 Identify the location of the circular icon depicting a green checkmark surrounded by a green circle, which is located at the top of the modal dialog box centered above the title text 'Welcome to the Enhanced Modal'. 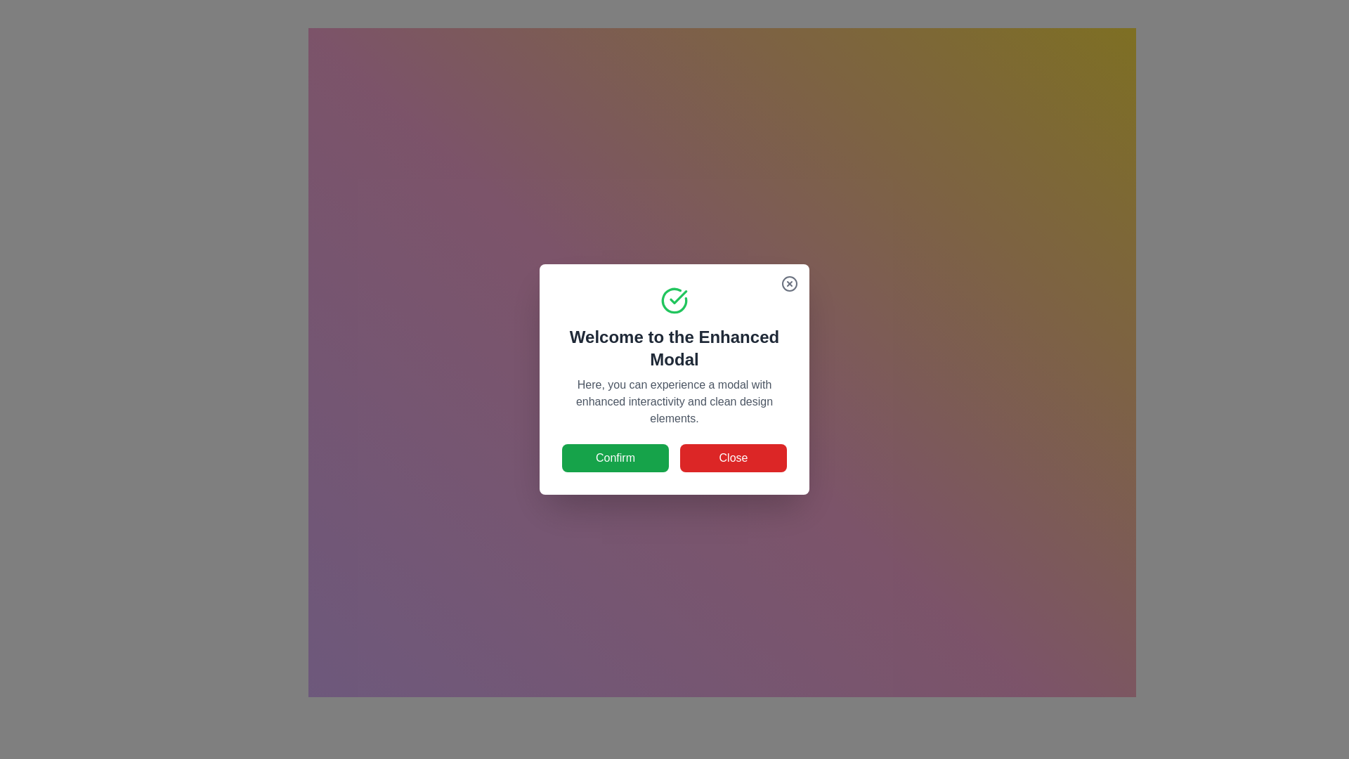
(674, 300).